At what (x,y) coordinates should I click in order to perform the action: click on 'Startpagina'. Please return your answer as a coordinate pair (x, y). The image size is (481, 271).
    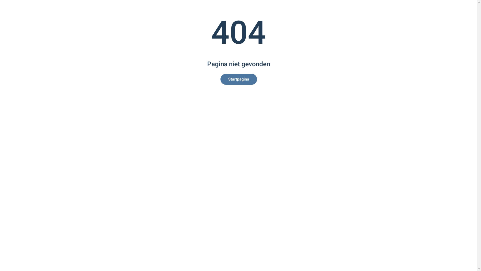
    Looking at the image, I should click on (238, 79).